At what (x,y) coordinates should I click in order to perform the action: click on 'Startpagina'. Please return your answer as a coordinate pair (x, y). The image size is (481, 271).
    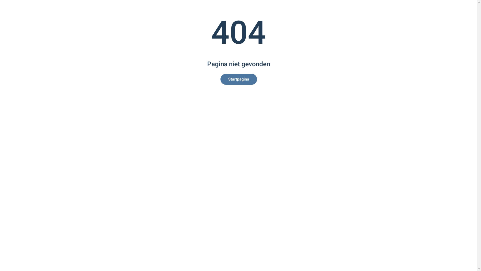
    Looking at the image, I should click on (238, 79).